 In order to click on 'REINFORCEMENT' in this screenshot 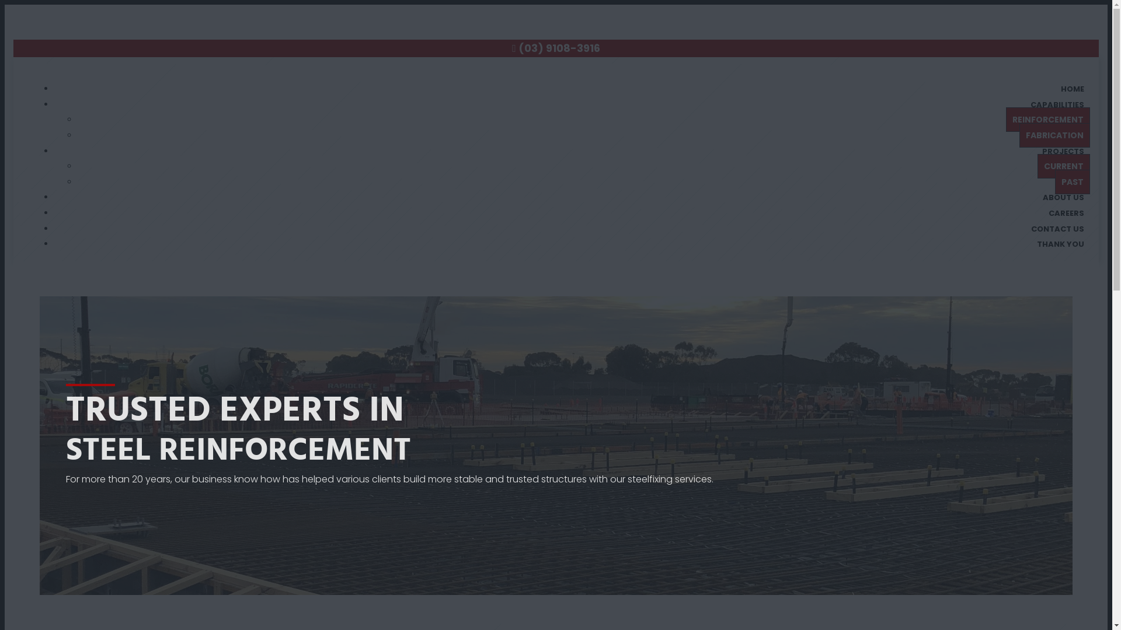, I will do `click(1005, 119)`.